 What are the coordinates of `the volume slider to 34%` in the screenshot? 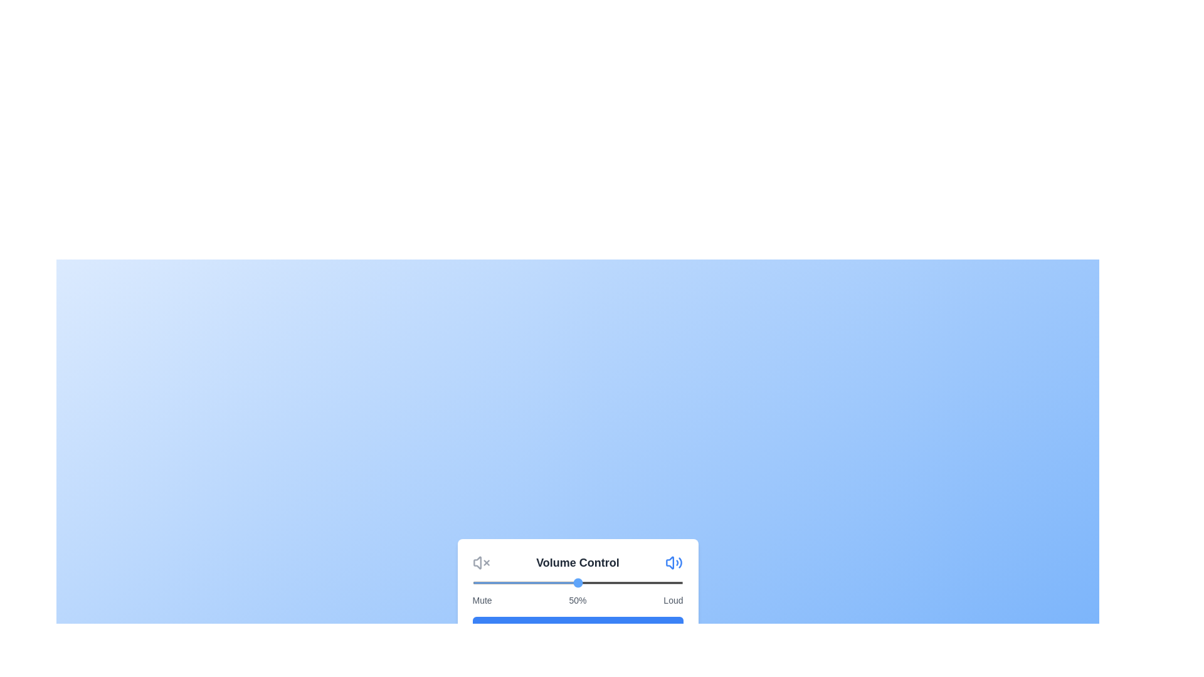 It's located at (544, 582).